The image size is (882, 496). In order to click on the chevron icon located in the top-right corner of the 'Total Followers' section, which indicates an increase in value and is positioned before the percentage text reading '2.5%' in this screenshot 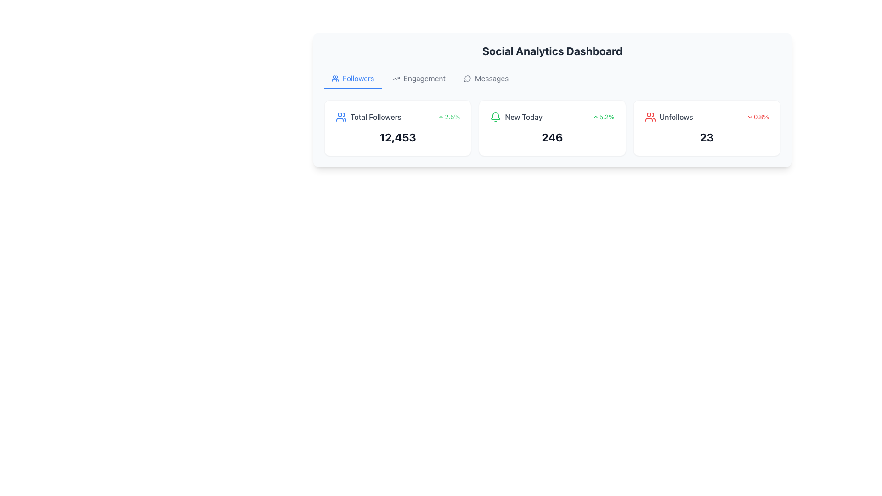, I will do `click(441, 116)`.